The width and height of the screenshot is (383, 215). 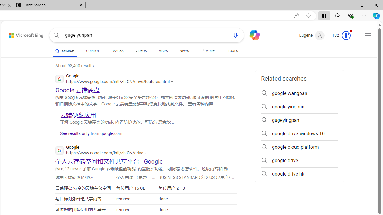 I want to click on 'SEARCH', so click(x=65, y=51).